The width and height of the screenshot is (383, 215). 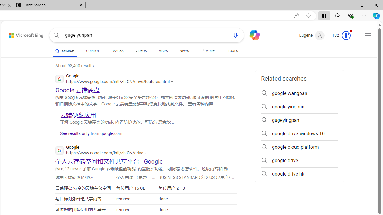 I want to click on 'SEARCH', so click(x=65, y=51).